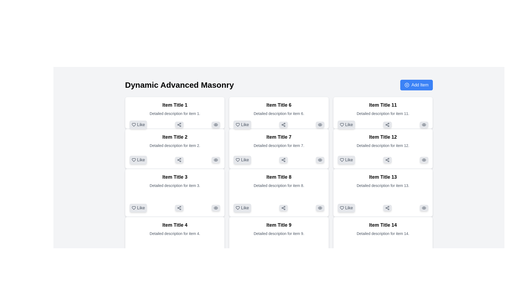 The image size is (513, 288). Describe the element at coordinates (383, 225) in the screenshot. I see `the static text label displaying 'Item Title 14', which is styled in bold black font on a white background, located at the top of its item card in the fourth column of the bottom row` at that location.